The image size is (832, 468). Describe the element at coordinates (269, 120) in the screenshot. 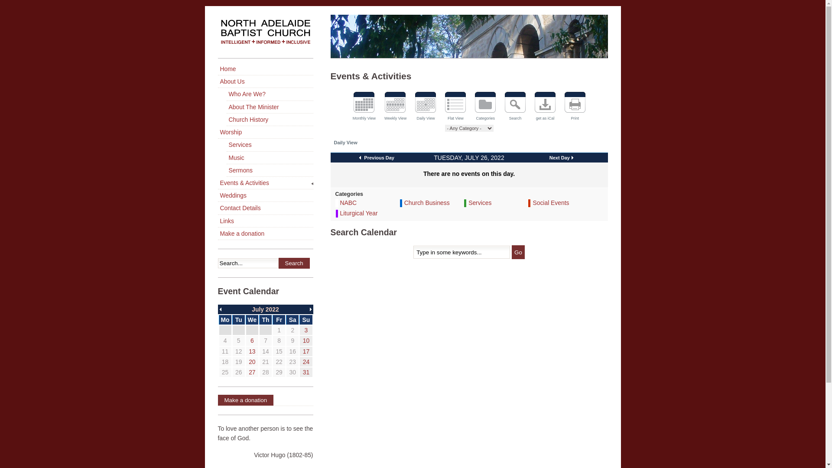

I see `'Church History'` at that location.